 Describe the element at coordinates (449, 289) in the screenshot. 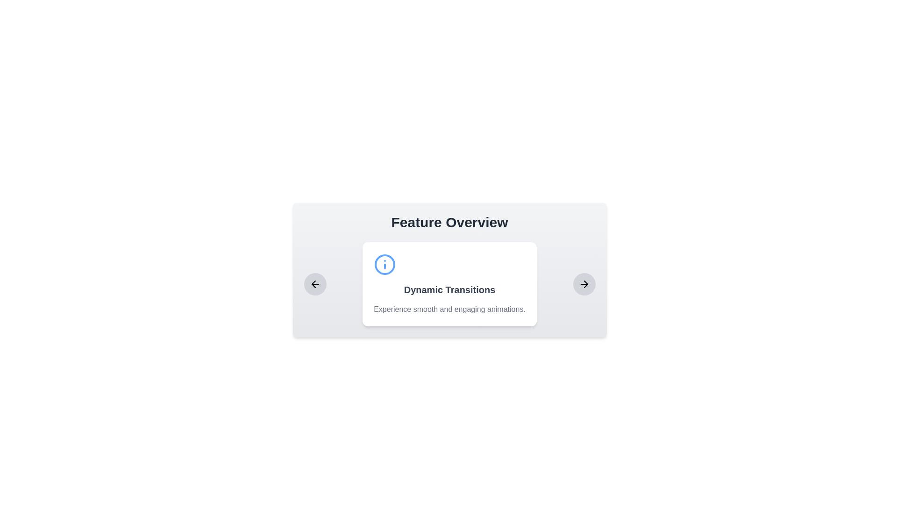

I see `text content of the bold, larger font Text Label that reads 'Dynamic Transitions', located in the upper region of the card component, below the blue information icon` at that location.